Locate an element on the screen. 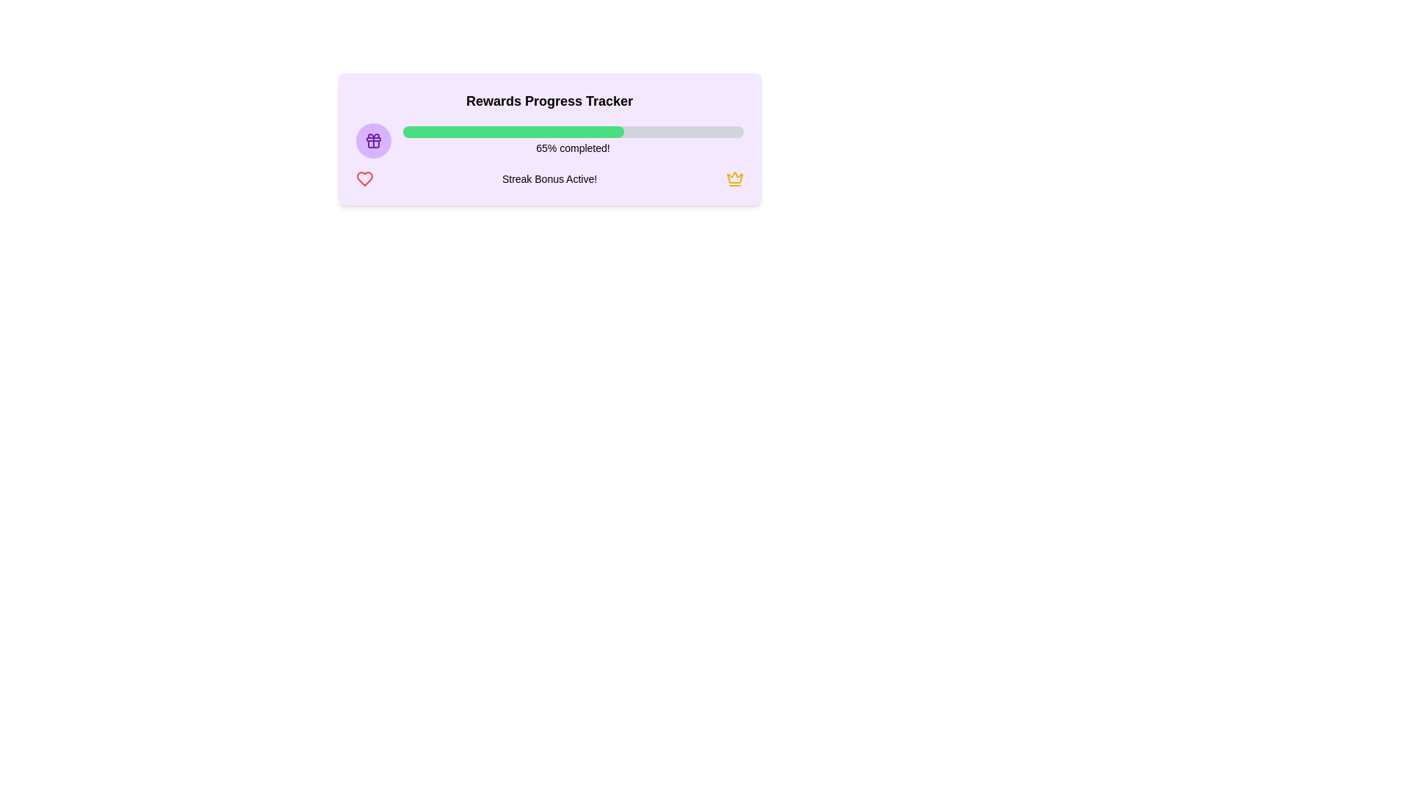 The image size is (1410, 793). the Informational Banner displaying 'Streak Bonus Active!' with red heart and yellow crown icons, located under the 'Rewards Progress Tracker' title is located at coordinates (549, 178).